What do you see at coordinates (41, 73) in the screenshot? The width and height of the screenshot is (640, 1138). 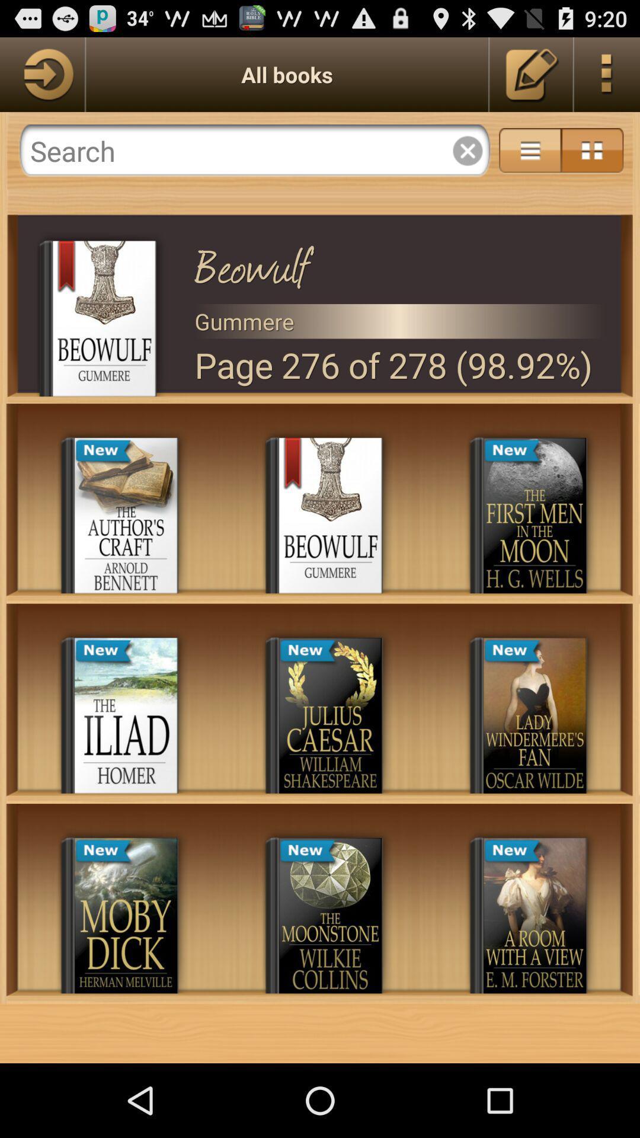 I see `all books` at bounding box center [41, 73].